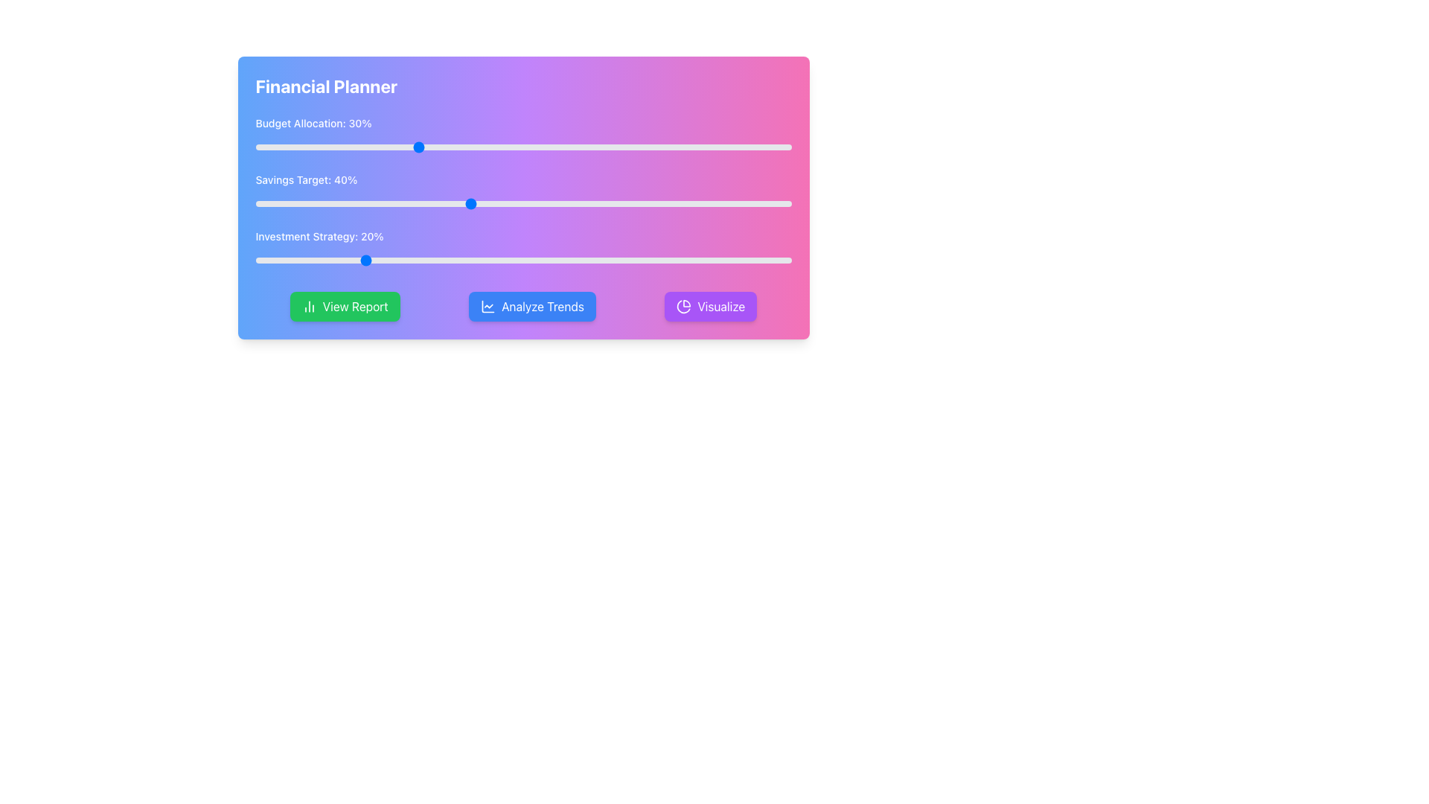  Describe the element at coordinates (571, 203) in the screenshot. I see `the savings target` at that location.